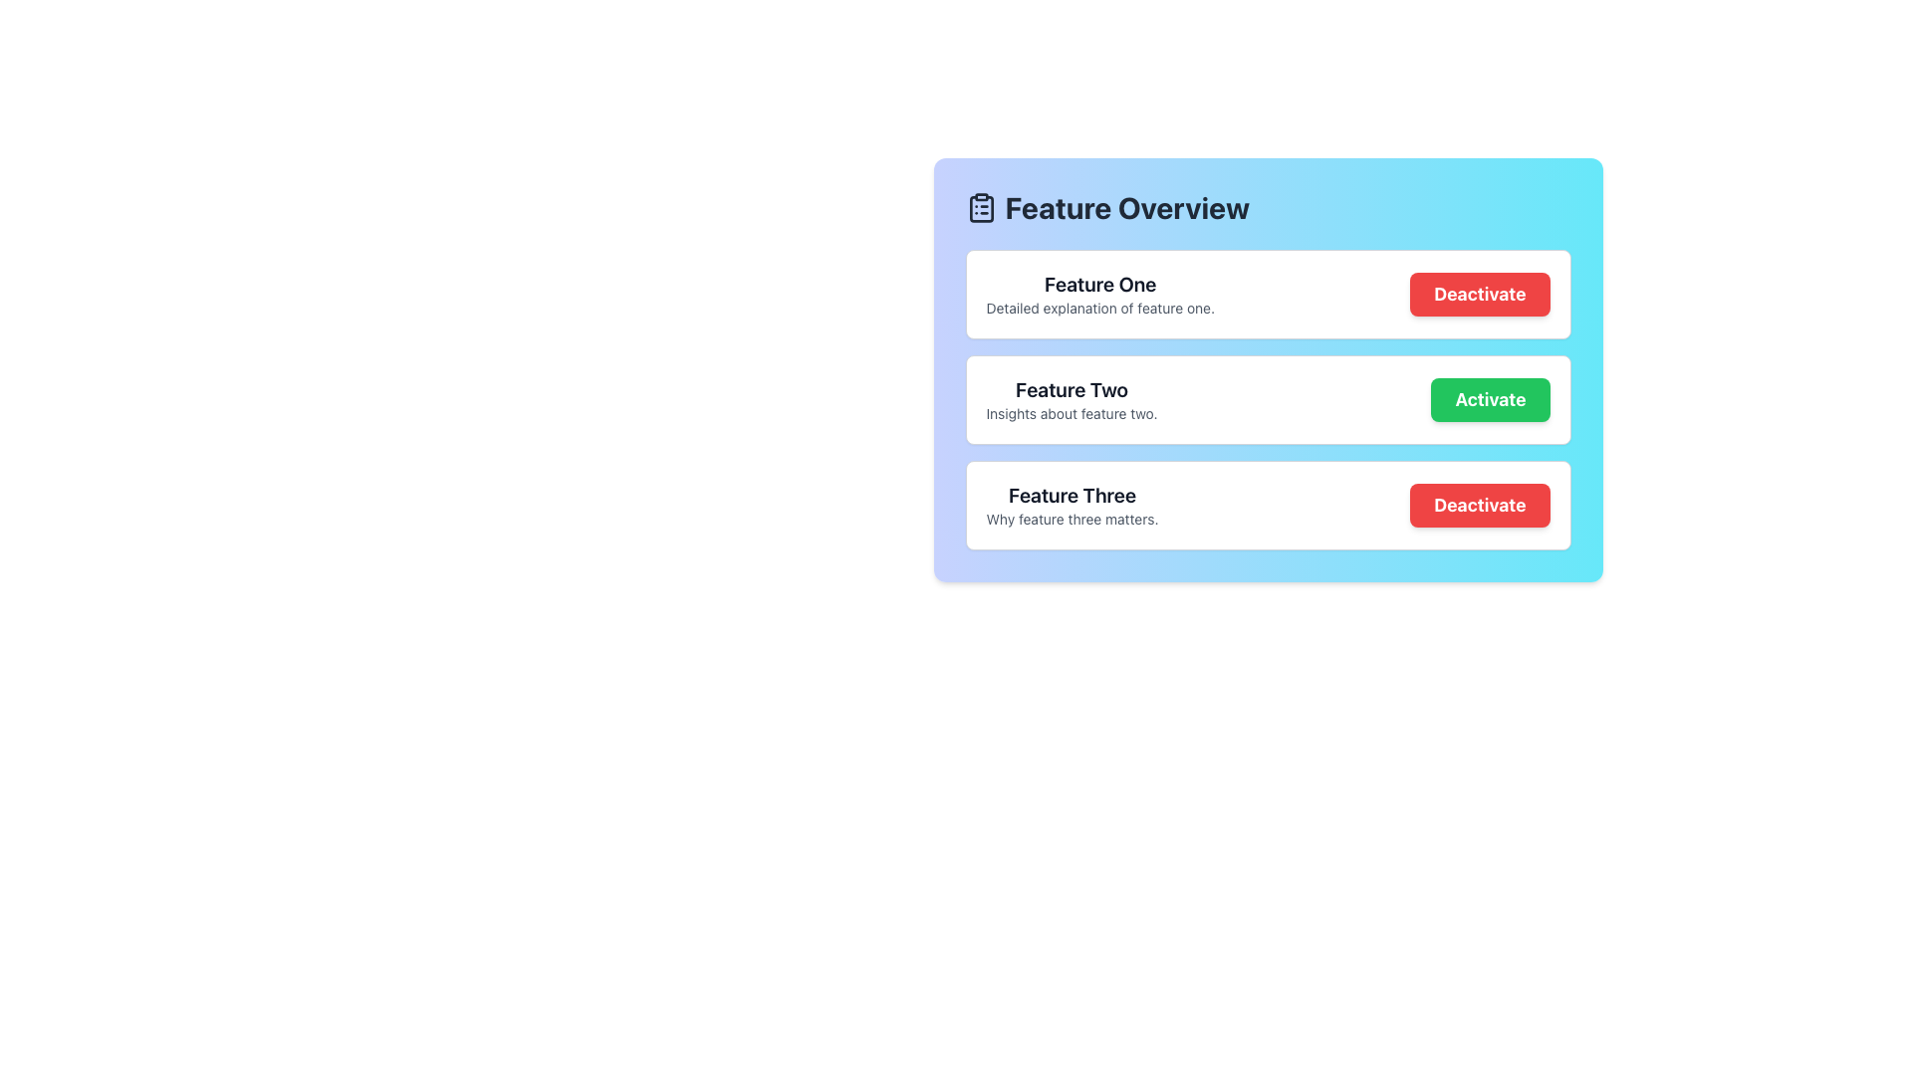 The height and width of the screenshot is (1075, 1912). I want to click on the clipboard icon located immediately to the left of the 'Feature Overview' text for additional actions, so click(981, 207).